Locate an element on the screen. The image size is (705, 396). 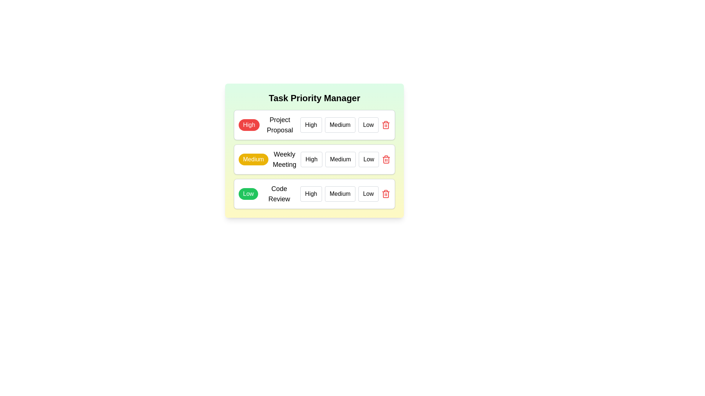
the priority level Low for the task Weekly Meeting is located at coordinates (368, 159).